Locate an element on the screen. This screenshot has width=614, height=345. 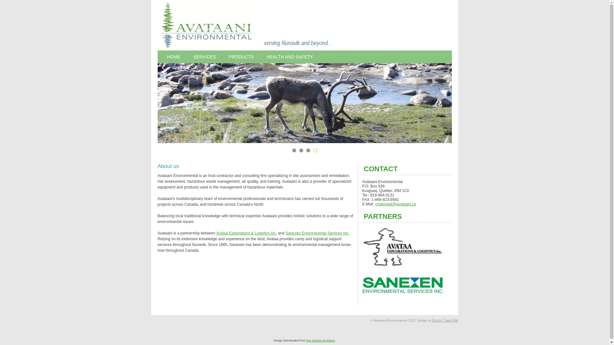
'PRODUCTS' is located at coordinates (222, 56).